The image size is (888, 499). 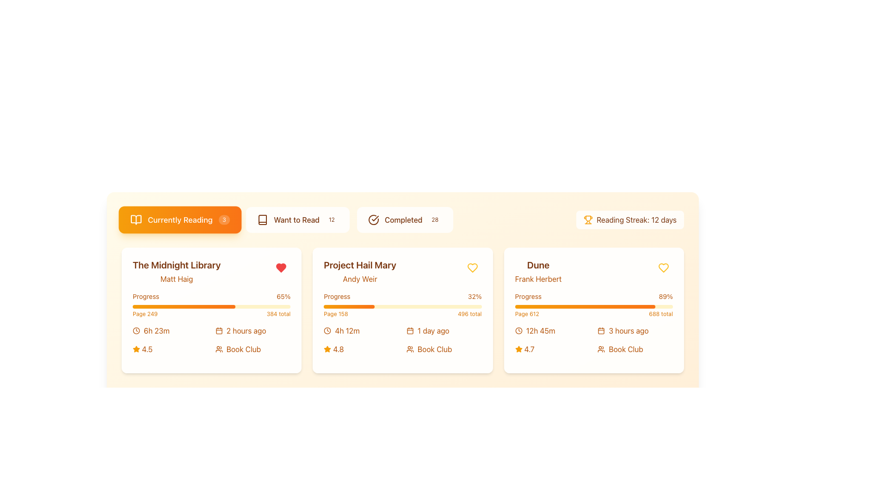 I want to click on the golden amber star-shaped icon located to the left of the numeric text '4.7' within the 'Dune' card layout, so click(x=518, y=349).